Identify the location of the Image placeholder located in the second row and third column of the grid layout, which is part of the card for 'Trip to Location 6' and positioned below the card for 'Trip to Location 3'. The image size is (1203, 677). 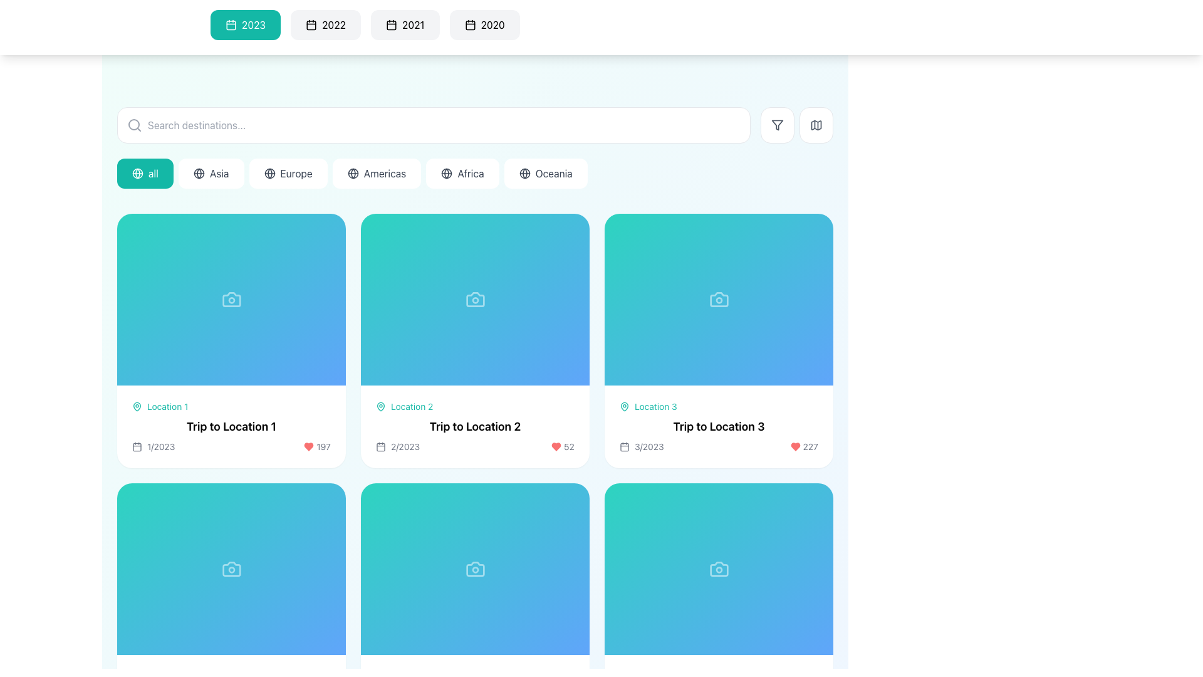
(719, 569).